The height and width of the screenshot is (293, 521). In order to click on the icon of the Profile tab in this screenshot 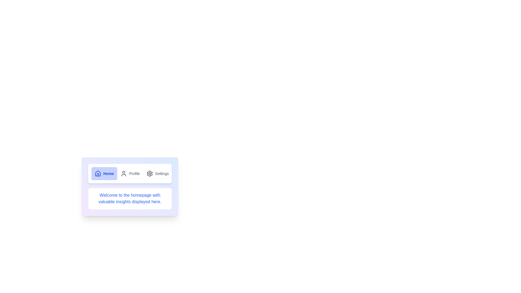, I will do `click(123, 174)`.